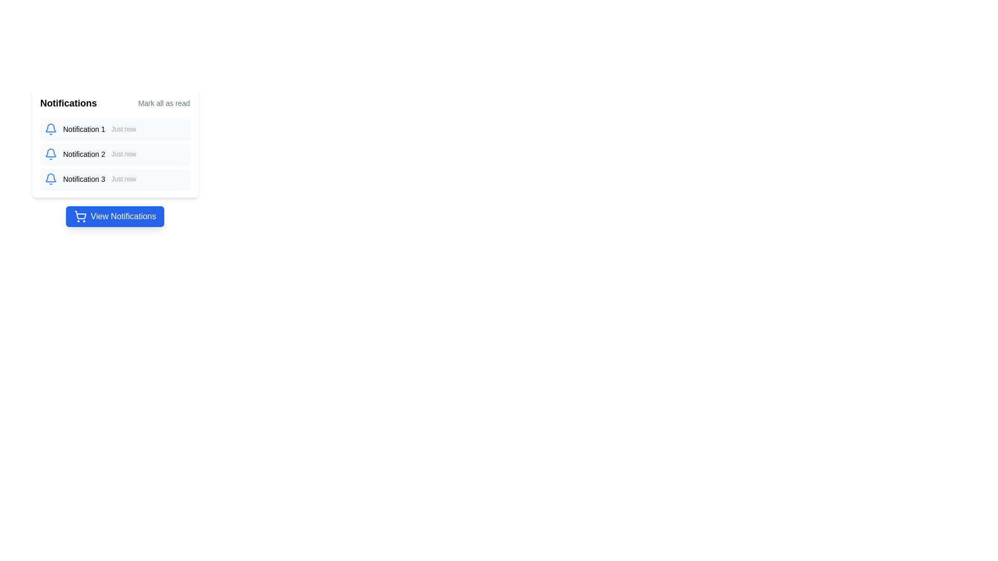 The image size is (998, 561). I want to click on the third notification item in the notification widget, which features a blue bell icon and the text 'Notification 3', so click(115, 178).